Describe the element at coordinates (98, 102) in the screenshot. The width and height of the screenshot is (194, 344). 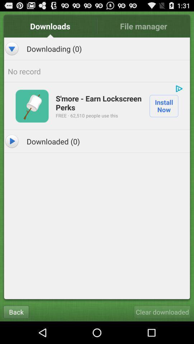
I see `the s more earn` at that location.